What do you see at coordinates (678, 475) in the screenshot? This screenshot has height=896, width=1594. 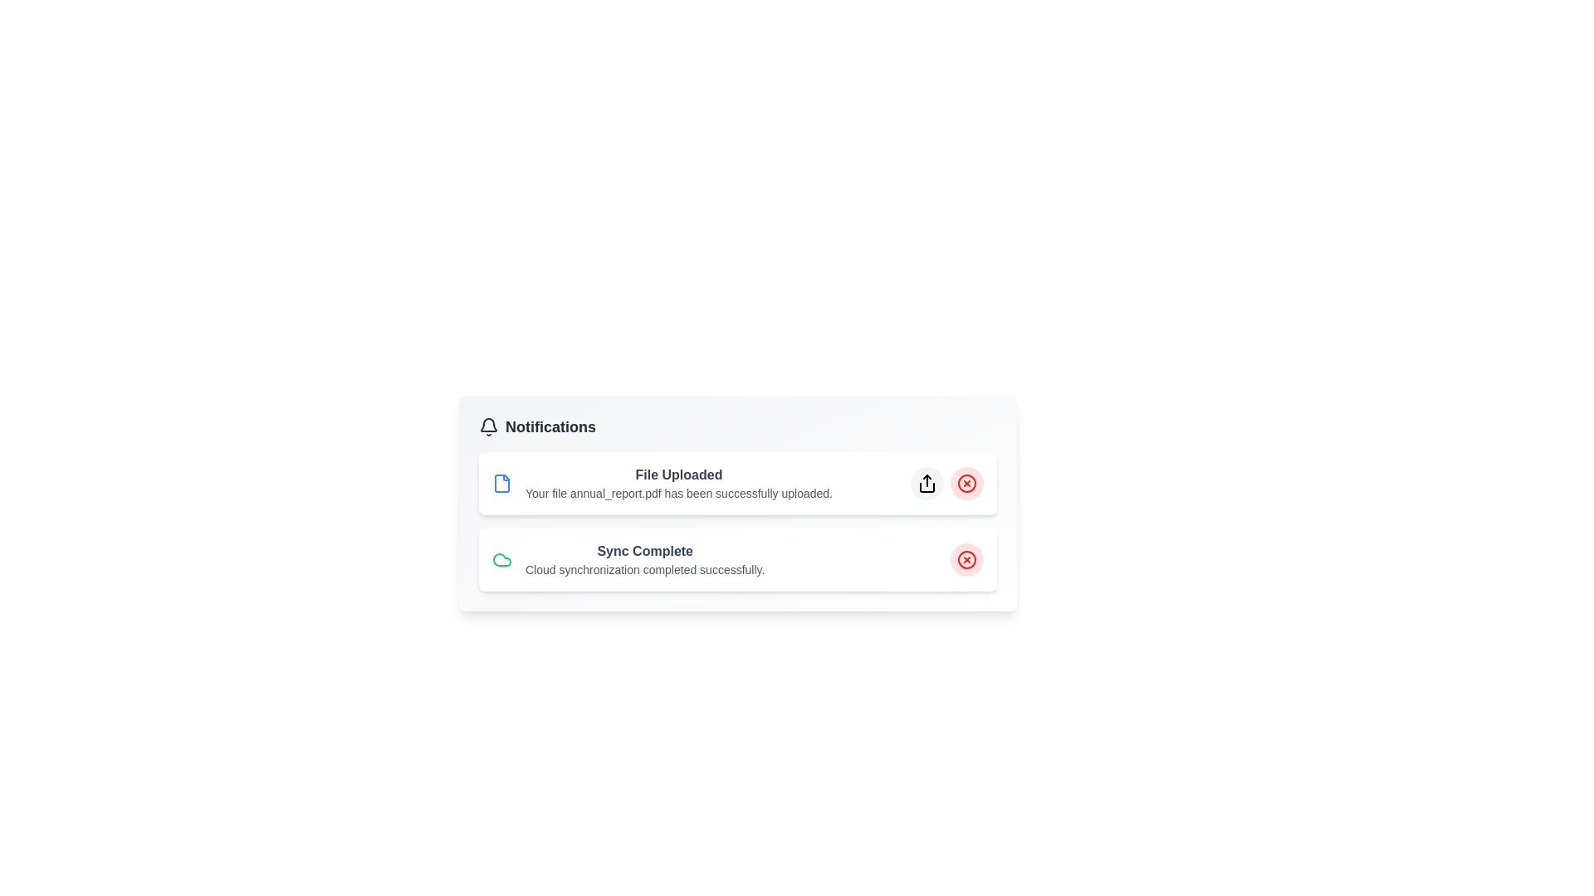 I see `the text label indicating the successful upload of a file, which is located in the upper section of the notification card above the text 'Your file annual_report.pdf has been successfully uploaded.'` at bounding box center [678, 475].